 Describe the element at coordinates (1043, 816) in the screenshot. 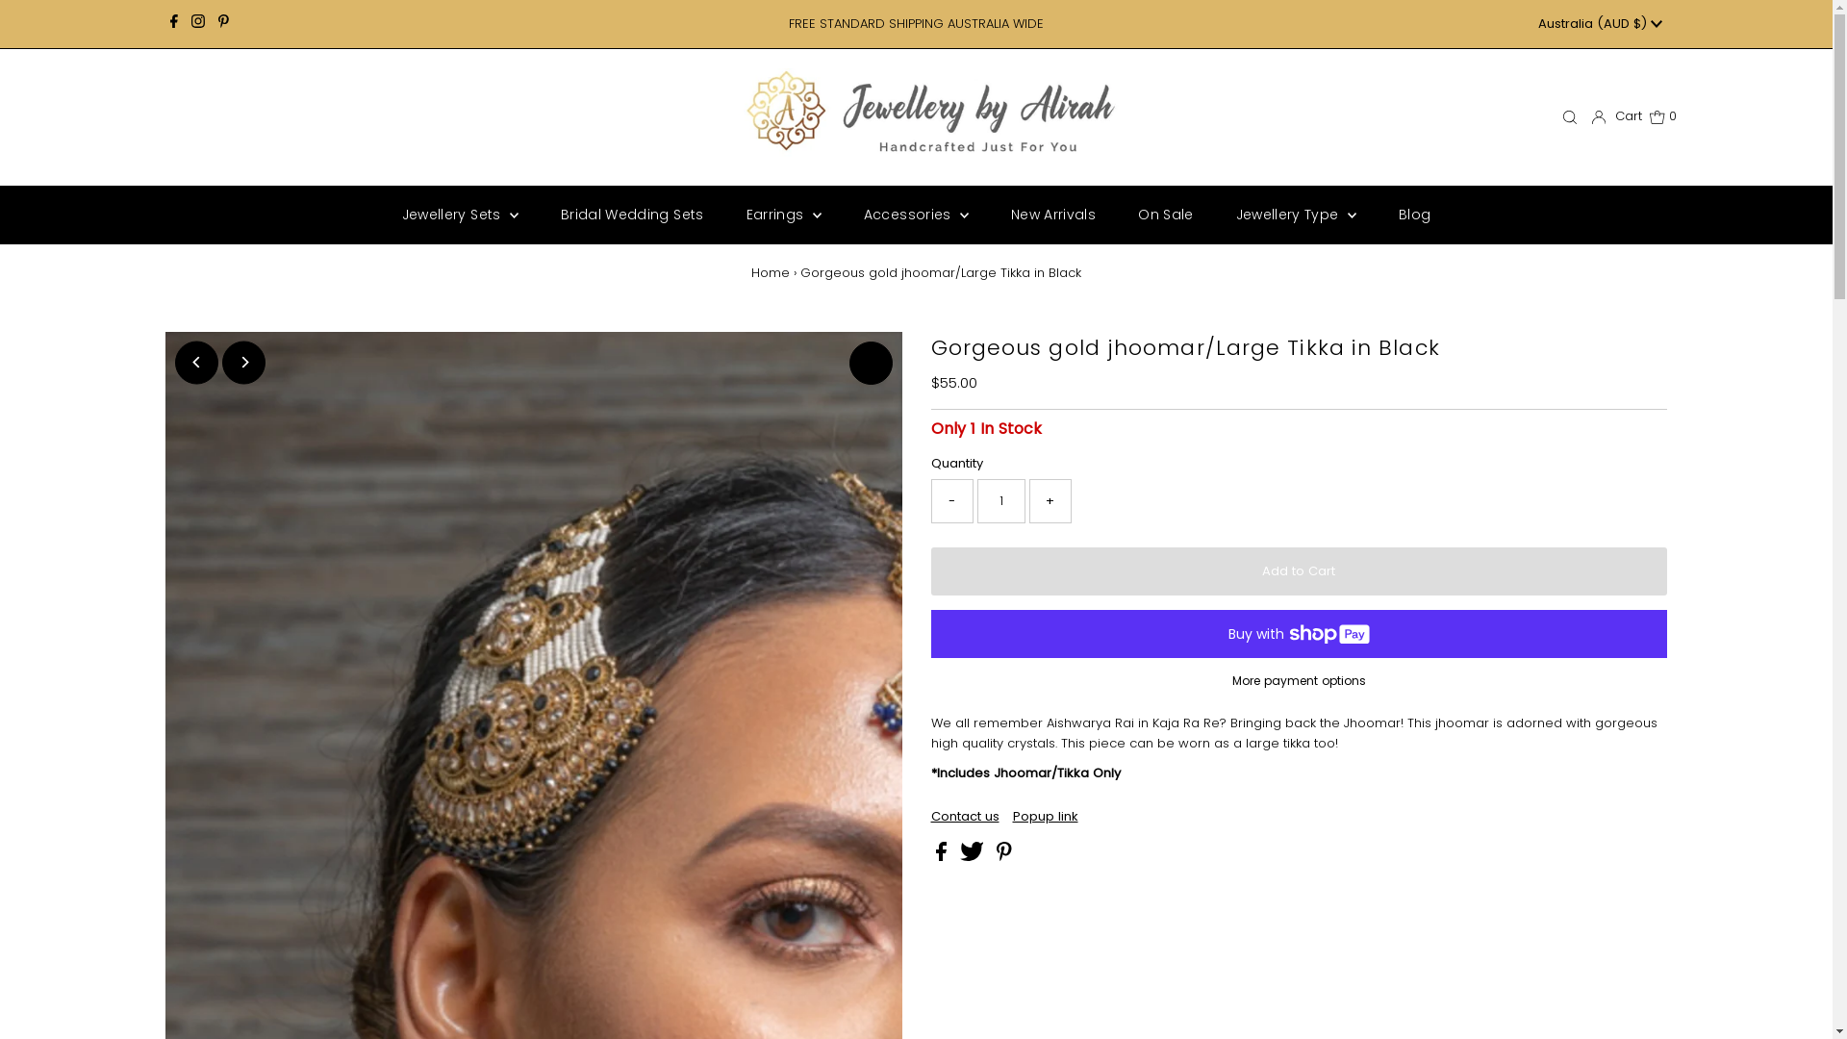

I see `'Popup link'` at that location.